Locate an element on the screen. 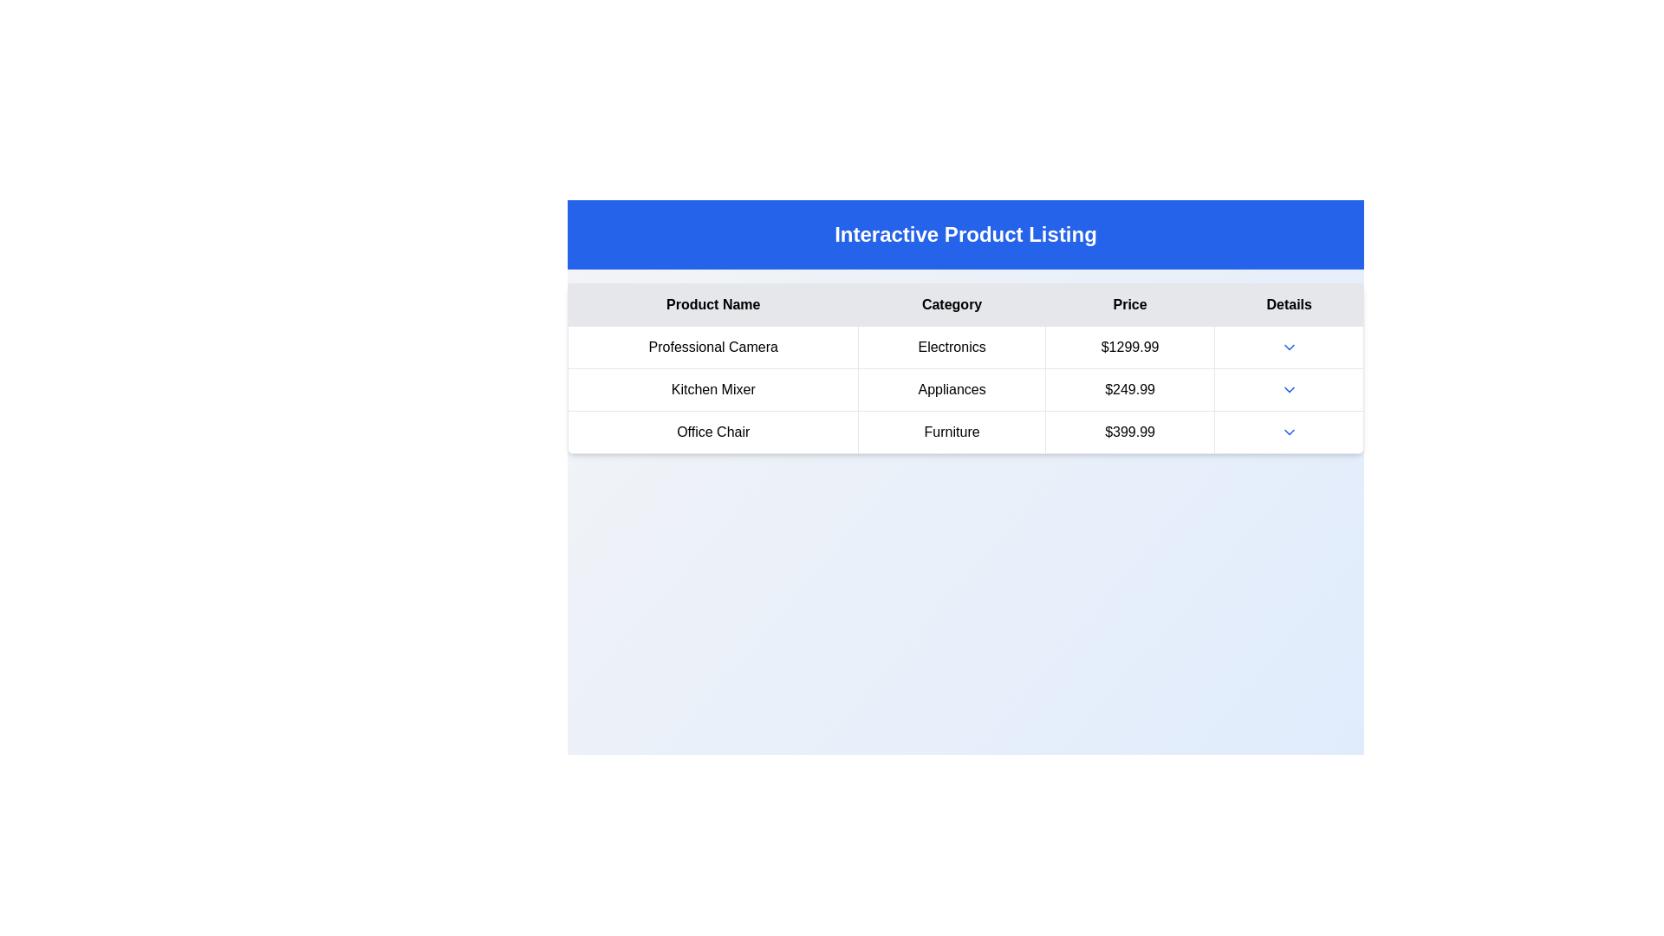 The image size is (1664, 936). the small blue downward-pointing chevron icon located in the 'Details' column of the first row in the product listing table to trigger a tooltip is located at coordinates (1289, 348).